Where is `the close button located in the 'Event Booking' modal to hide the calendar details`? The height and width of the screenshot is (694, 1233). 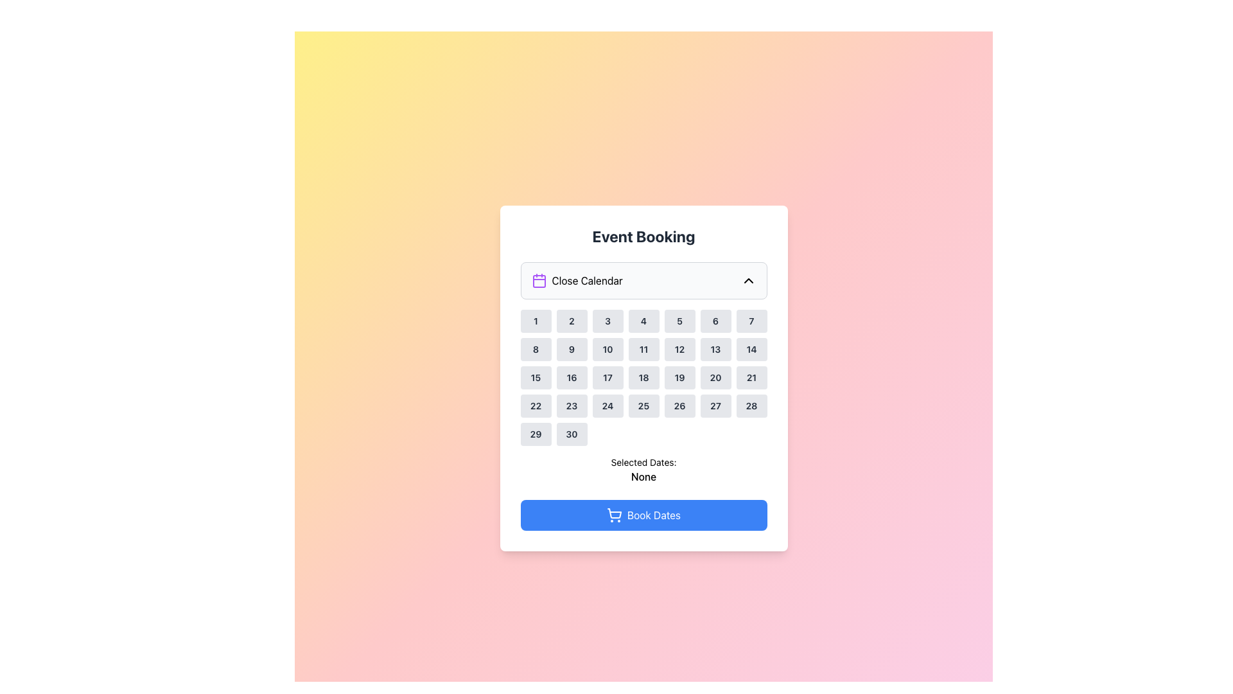 the close button located in the 'Event Booking' modal to hide the calendar details is located at coordinates (643, 280).